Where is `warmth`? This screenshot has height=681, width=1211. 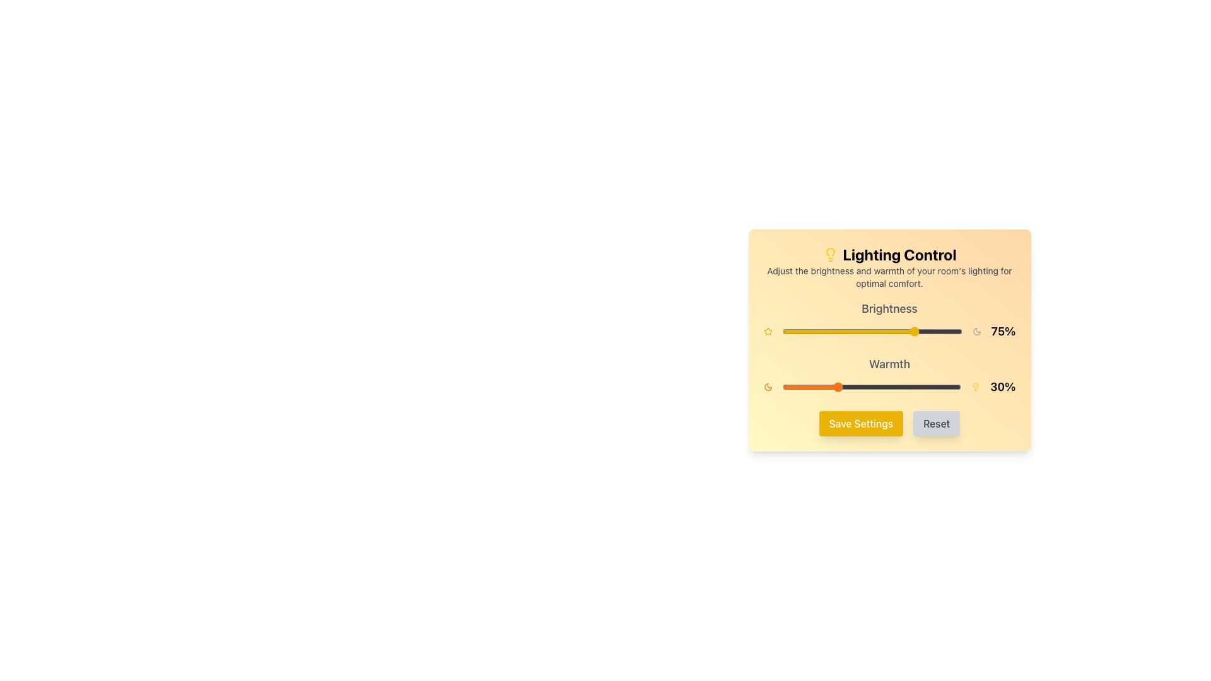 warmth is located at coordinates (871, 386).